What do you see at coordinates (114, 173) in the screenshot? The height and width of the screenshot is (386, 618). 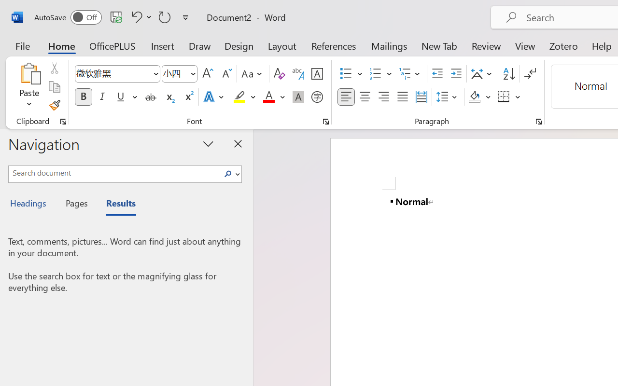 I see `'Search document'` at bounding box center [114, 173].